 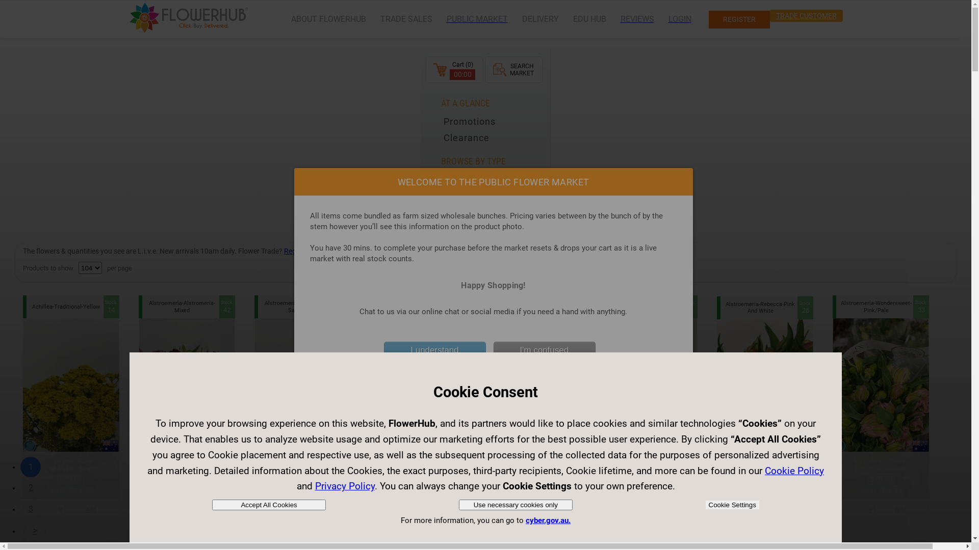 I want to click on '>', so click(x=34, y=530).